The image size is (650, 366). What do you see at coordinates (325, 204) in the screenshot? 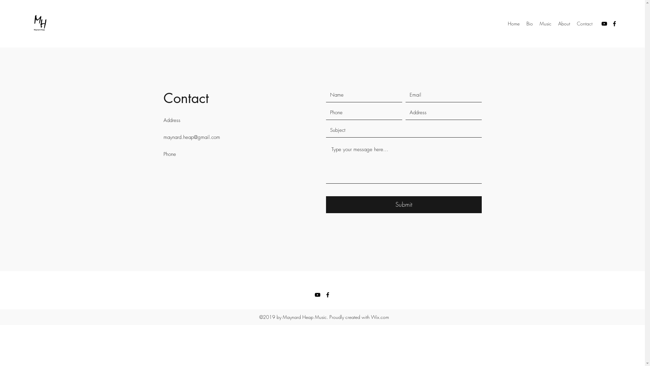
I see `'Submit'` at bounding box center [325, 204].